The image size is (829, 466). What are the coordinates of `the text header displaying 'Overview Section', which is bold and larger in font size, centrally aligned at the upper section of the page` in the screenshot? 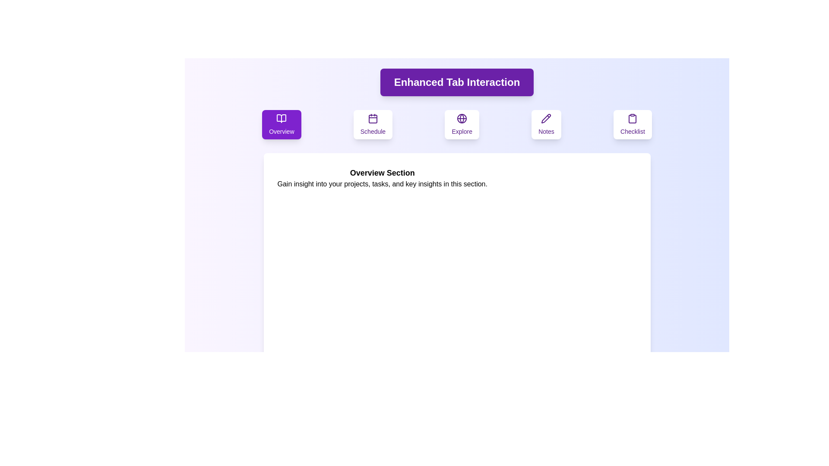 It's located at (382, 173).